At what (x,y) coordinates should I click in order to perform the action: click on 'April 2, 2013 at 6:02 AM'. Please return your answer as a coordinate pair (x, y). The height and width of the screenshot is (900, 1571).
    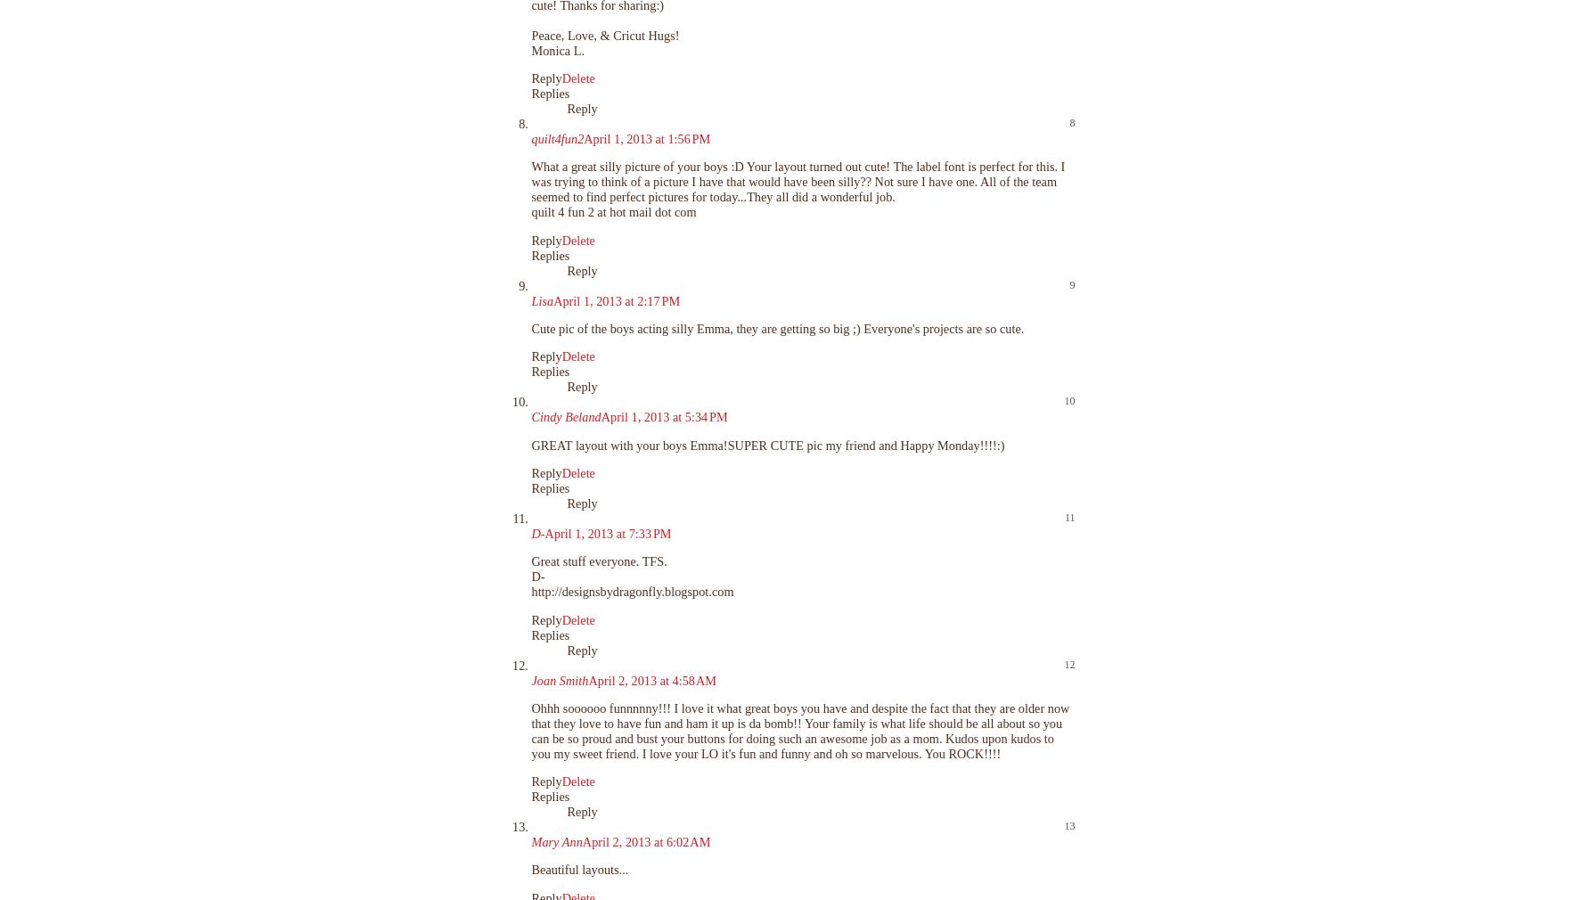
    Looking at the image, I should click on (645, 841).